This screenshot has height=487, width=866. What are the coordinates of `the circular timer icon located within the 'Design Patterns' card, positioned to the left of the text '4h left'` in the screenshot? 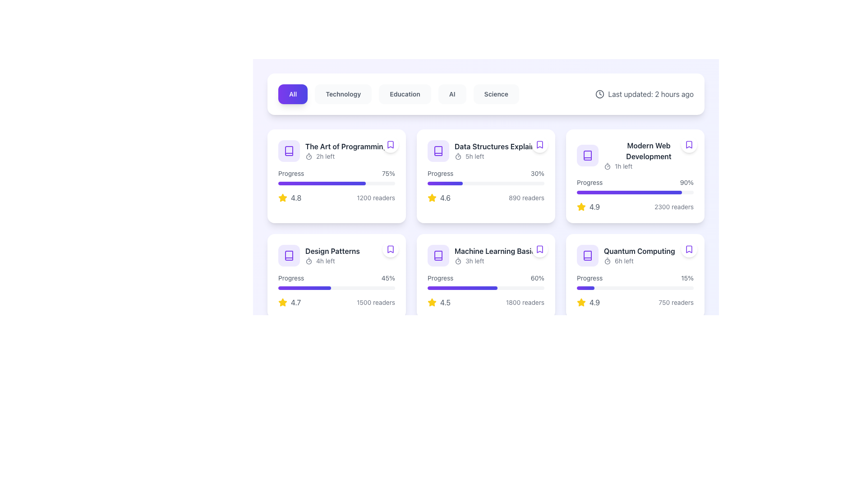 It's located at (309, 261).